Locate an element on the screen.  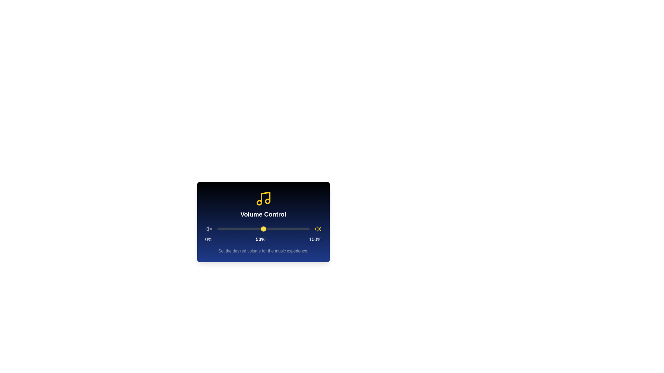
the low volume icon in the volume control component is located at coordinates (208, 229).